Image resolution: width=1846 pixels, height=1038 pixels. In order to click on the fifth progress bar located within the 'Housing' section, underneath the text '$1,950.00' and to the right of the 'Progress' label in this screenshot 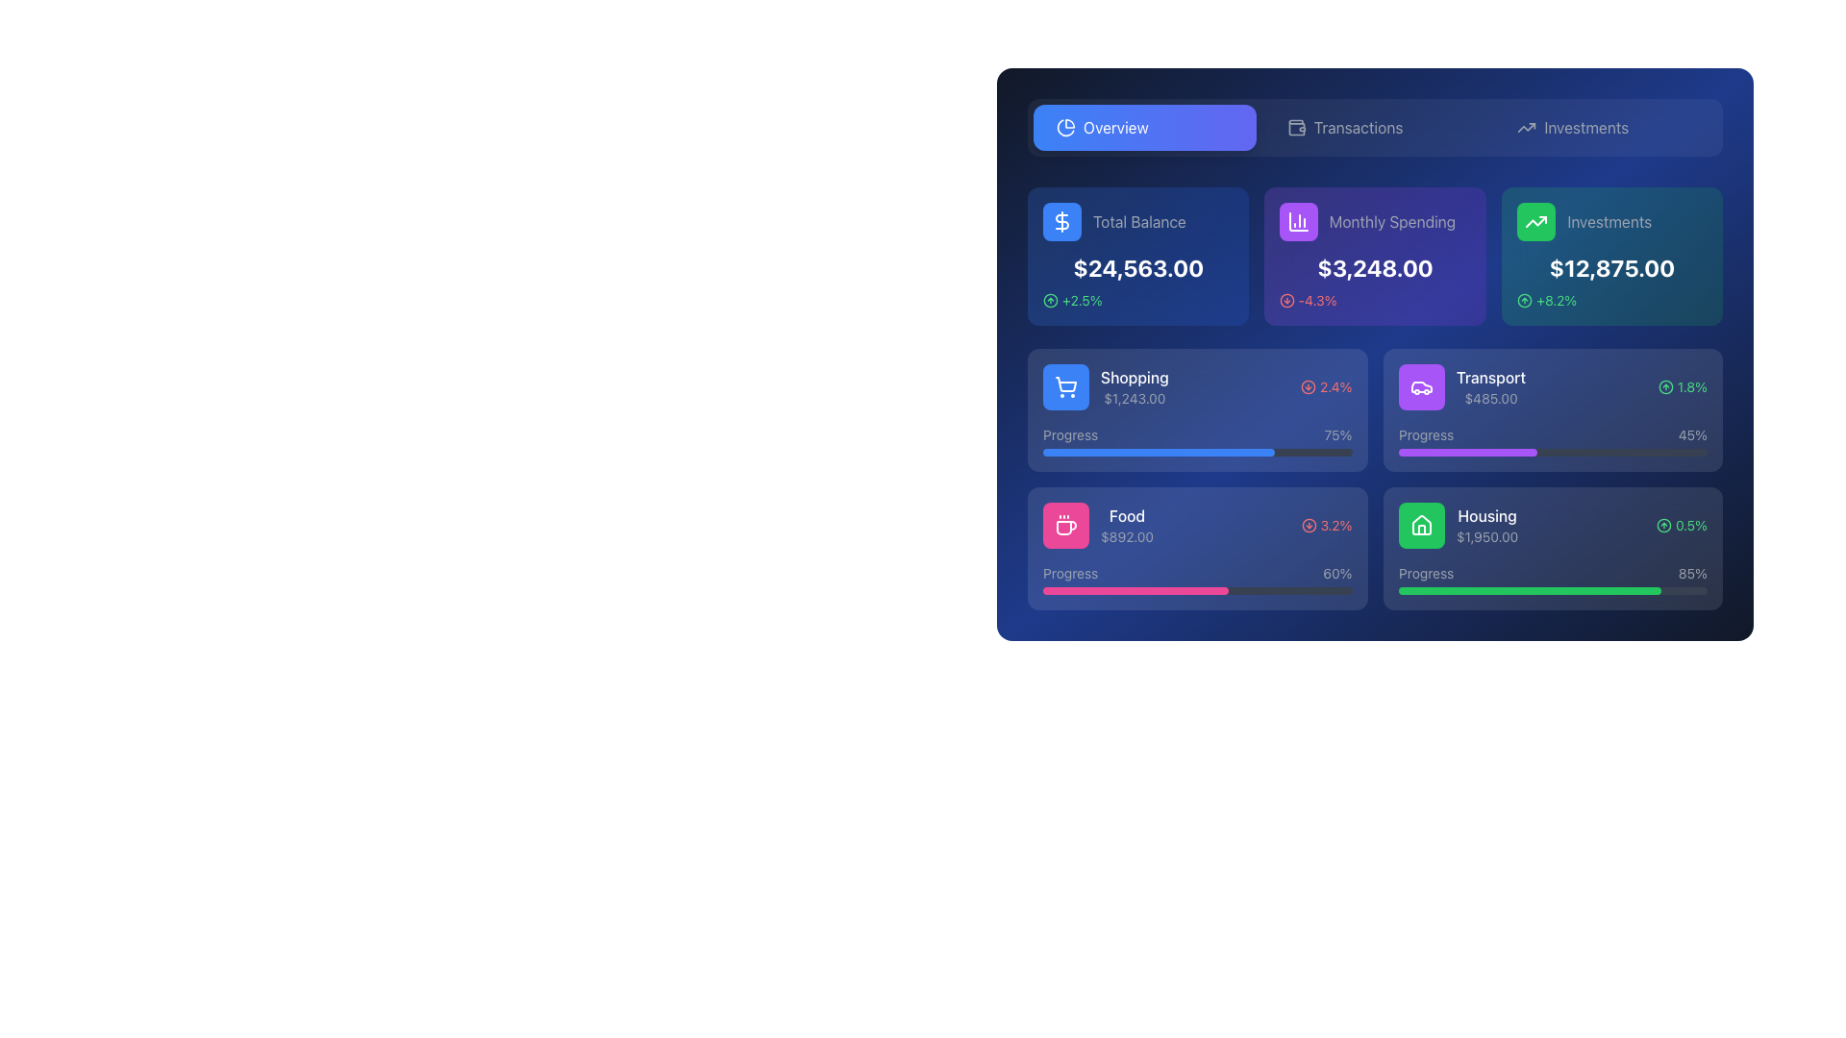, I will do `click(1553, 589)`.